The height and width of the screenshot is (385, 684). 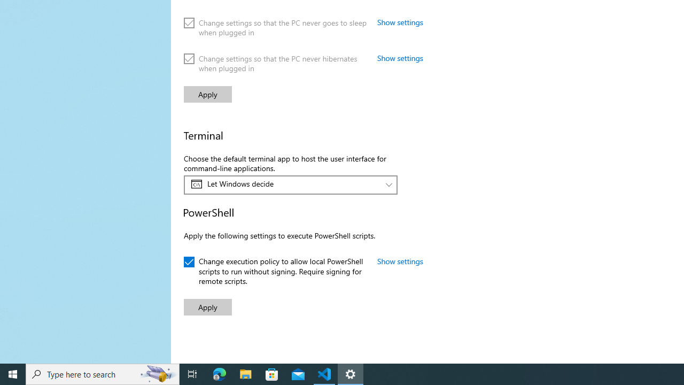 I want to click on 'Start', so click(x=13, y=373).